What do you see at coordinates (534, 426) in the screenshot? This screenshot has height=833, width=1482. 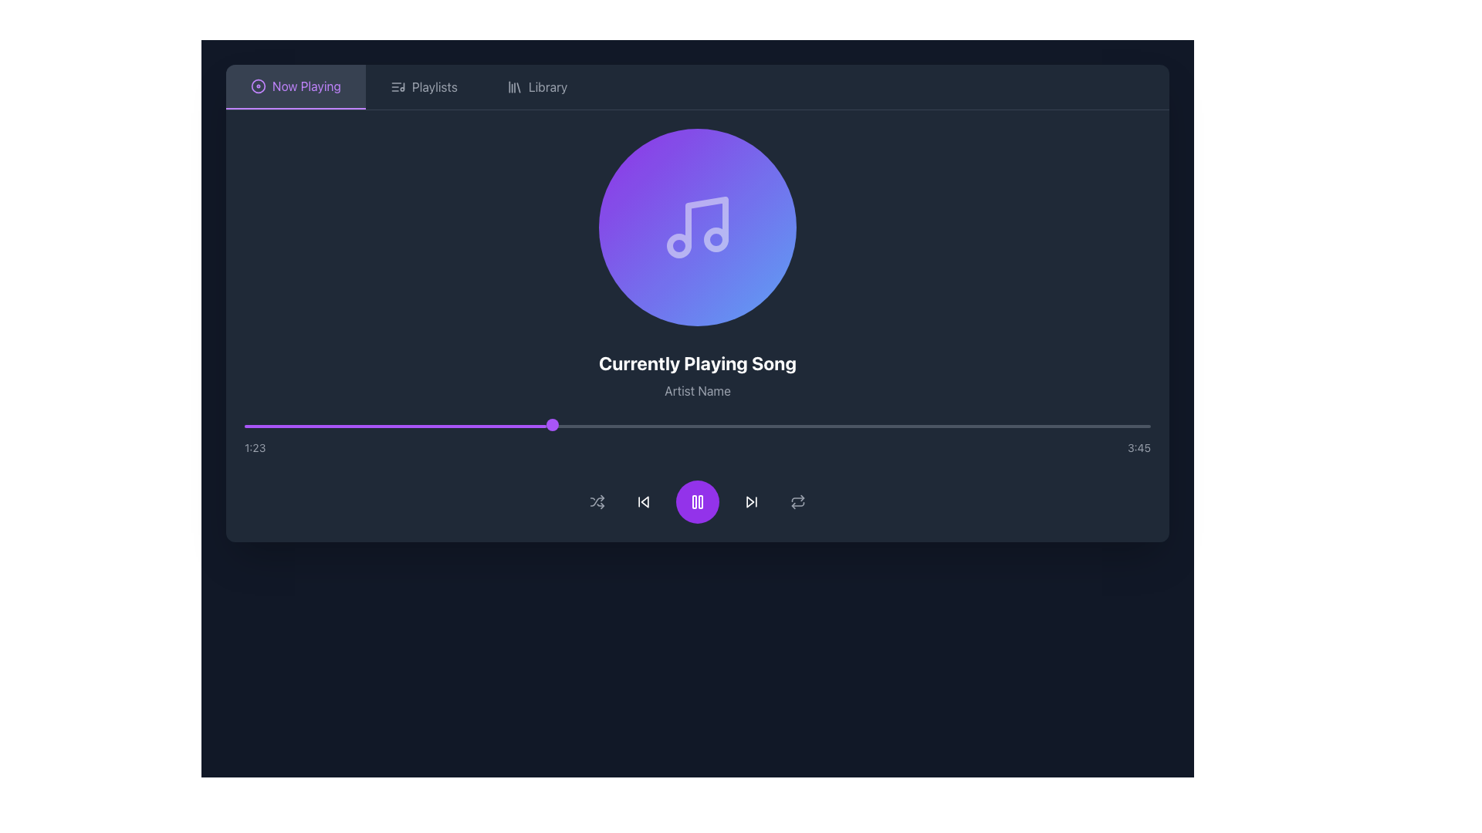 I see `the playback position` at bounding box center [534, 426].